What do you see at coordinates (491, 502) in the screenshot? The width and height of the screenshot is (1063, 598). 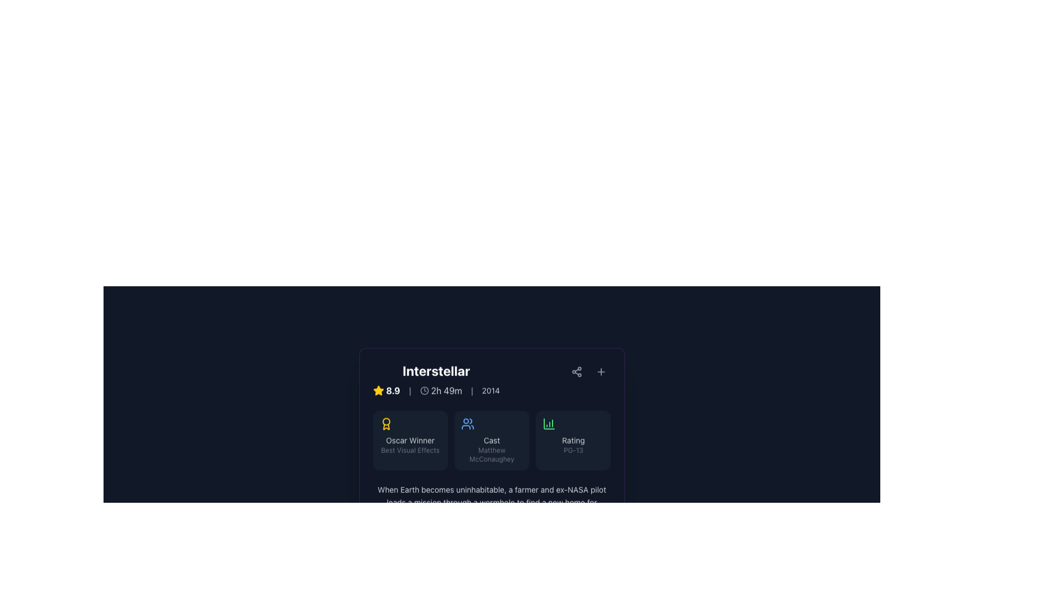 I see `text content of the narrative overview text block located centrally beneath the title section and above the genre tags` at bounding box center [491, 502].